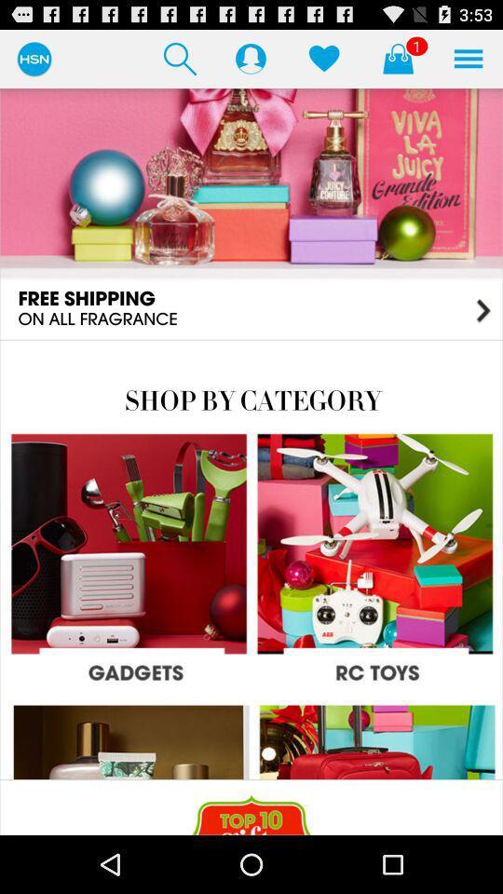  What do you see at coordinates (397, 58) in the screenshot?
I see `selected items` at bounding box center [397, 58].